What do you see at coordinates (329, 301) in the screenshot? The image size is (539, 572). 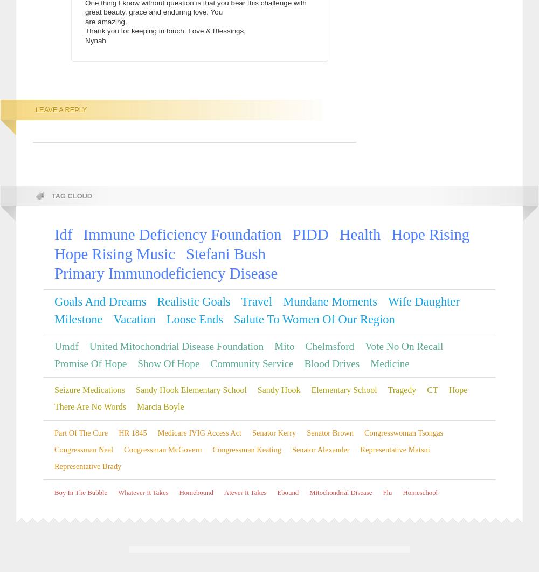 I see `'mundane moments'` at bounding box center [329, 301].